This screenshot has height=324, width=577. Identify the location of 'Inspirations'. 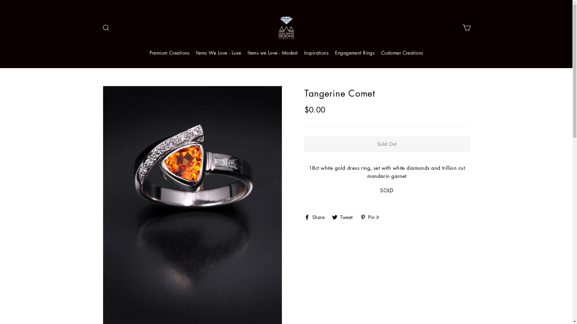
(316, 53).